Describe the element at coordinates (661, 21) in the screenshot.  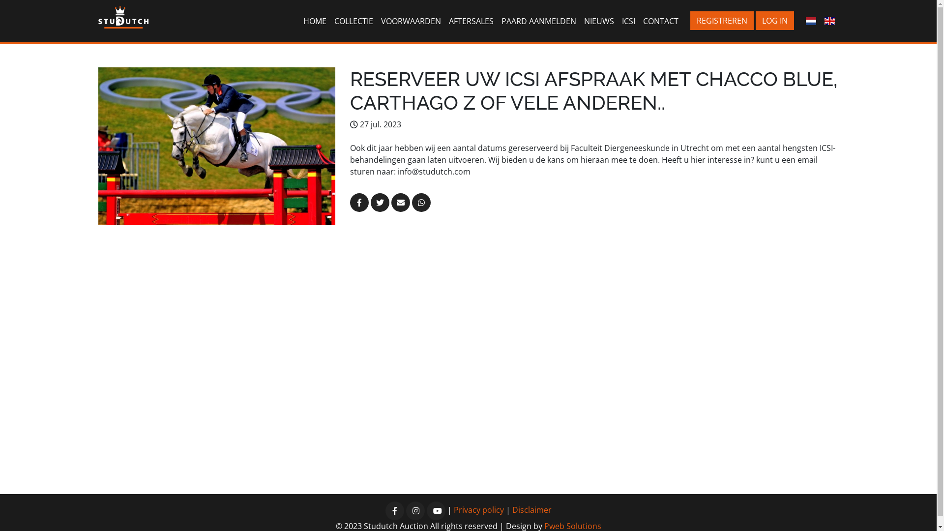
I see `'CONTACT'` at that location.